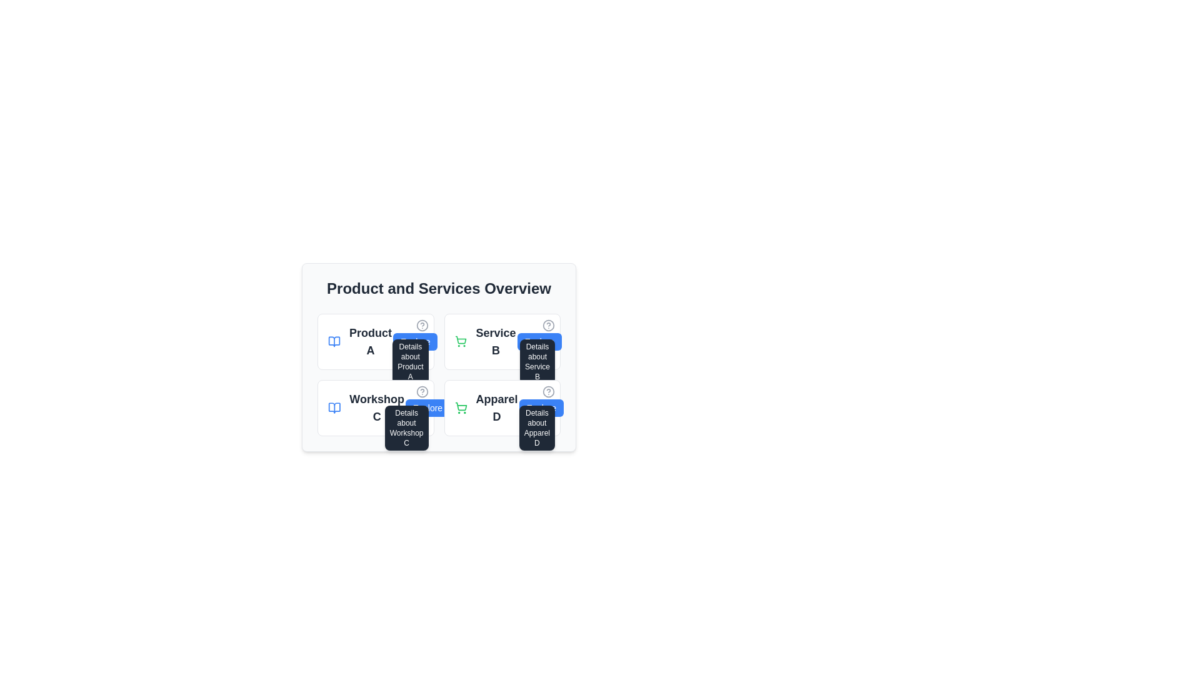  Describe the element at coordinates (334, 407) in the screenshot. I see `the icon representing the workshop category labeled 'Workshop C' located to the left of the text within the 'Product and Services Overview' section` at that location.